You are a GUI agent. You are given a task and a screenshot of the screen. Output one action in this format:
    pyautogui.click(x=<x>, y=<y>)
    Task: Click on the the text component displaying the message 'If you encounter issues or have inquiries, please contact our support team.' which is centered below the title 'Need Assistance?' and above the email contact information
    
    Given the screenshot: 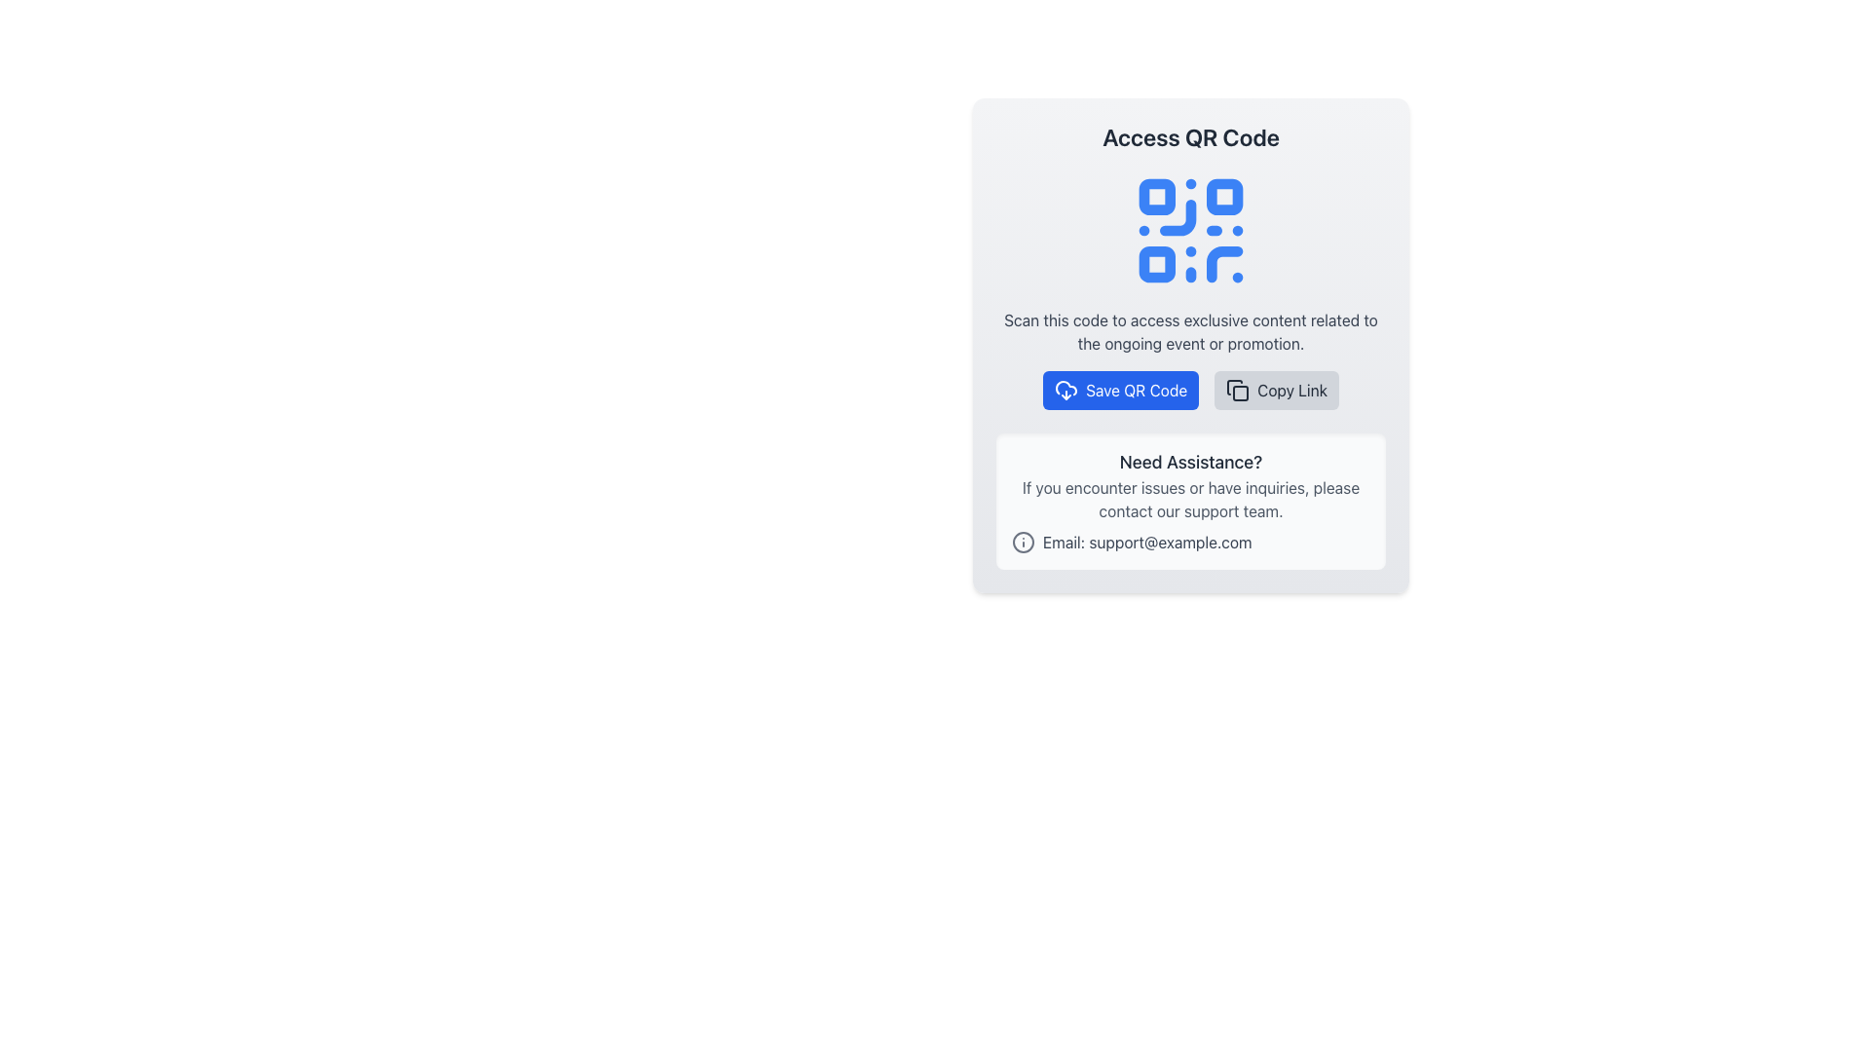 What is the action you would take?
    pyautogui.click(x=1190, y=499)
    